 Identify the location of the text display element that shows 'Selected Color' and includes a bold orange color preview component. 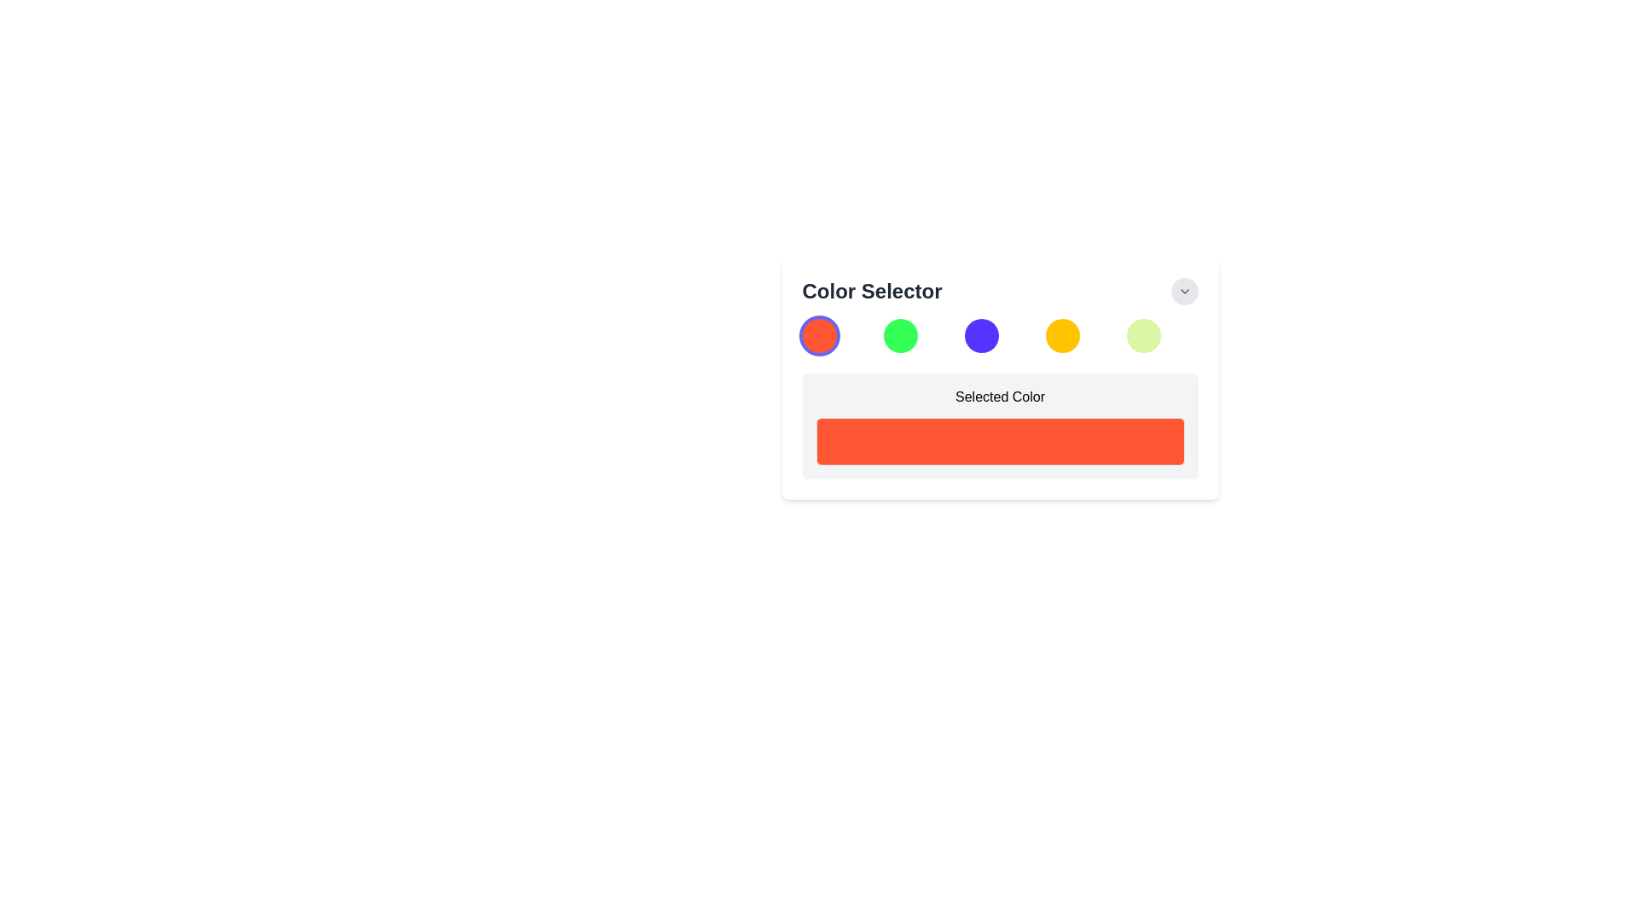
(1000, 398).